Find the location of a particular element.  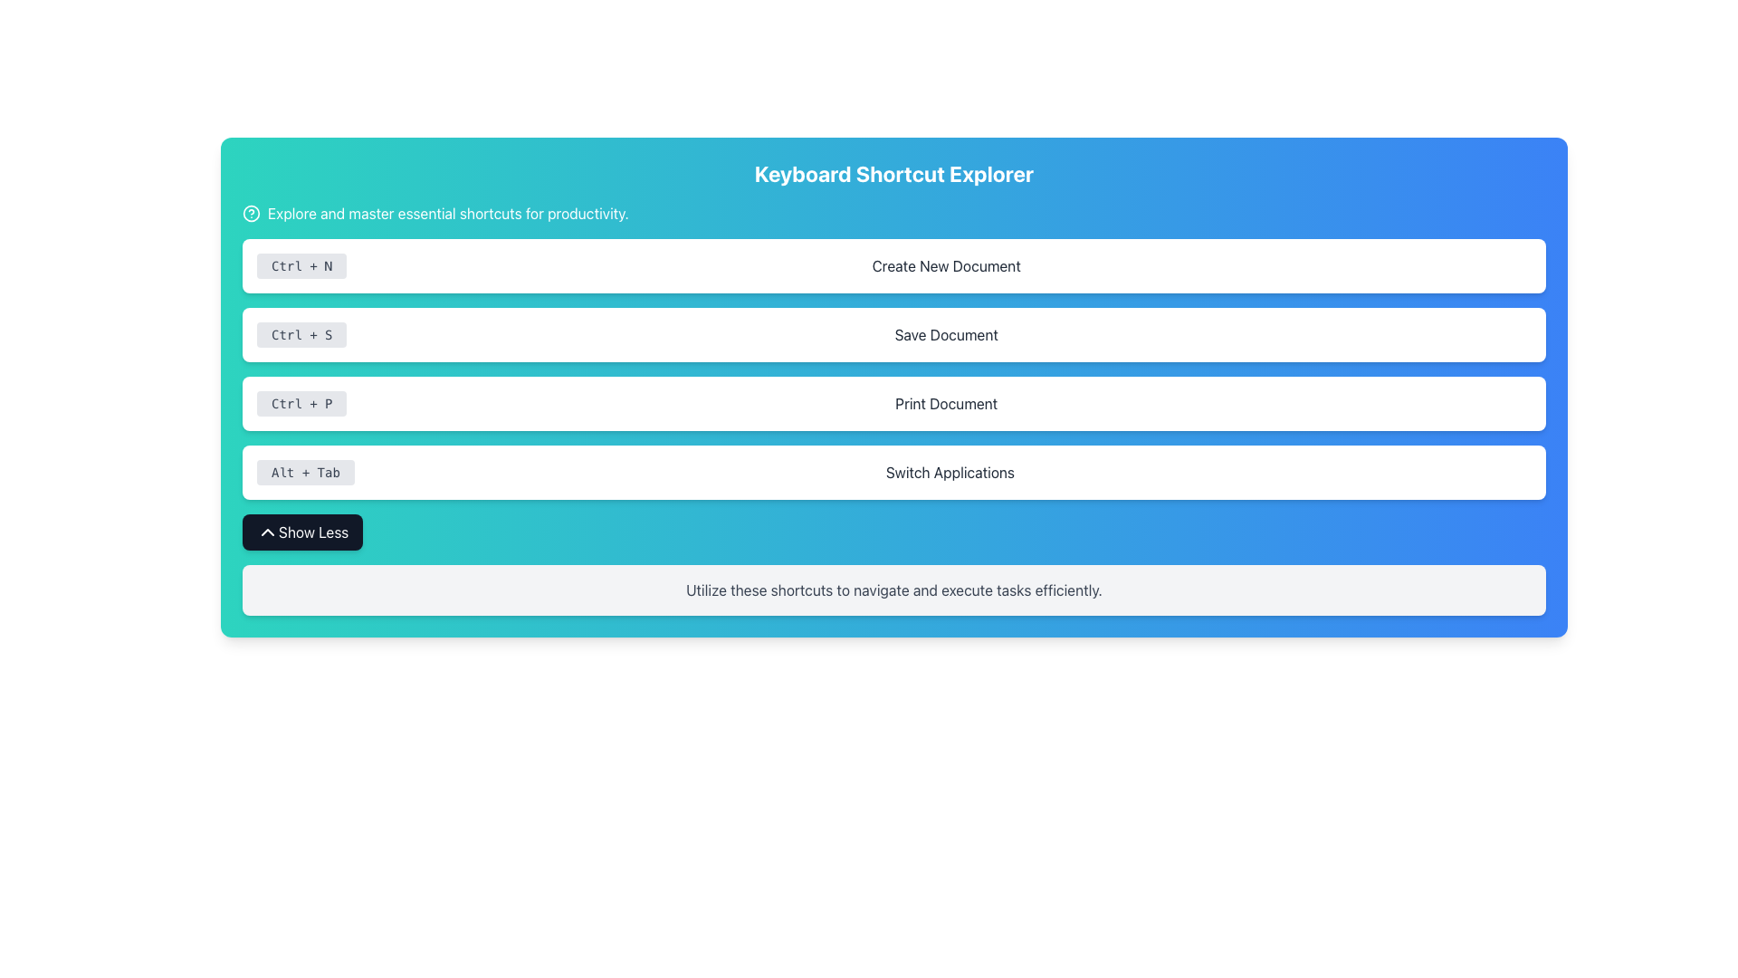

the keyboard shortcut text display for 'Ctrl + S', which is located in the second row of shortcut-key descriptions and to the left of 'Save Document' is located at coordinates (301, 335).